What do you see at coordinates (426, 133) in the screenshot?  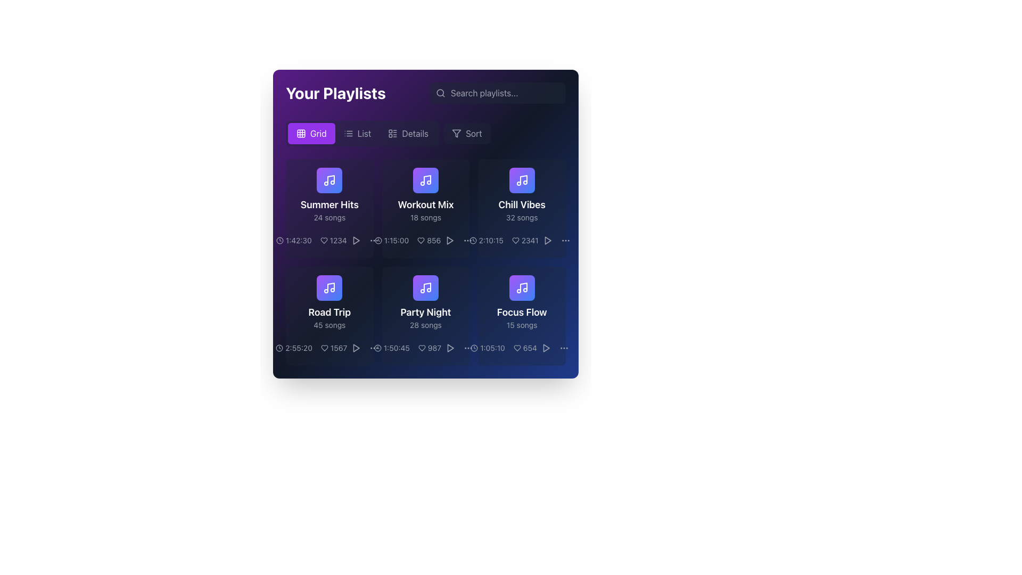 I see `the detailed view button located between the 'List' and 'Sort' buttons in the upper section of the interface under 'Your Playlists'` at bounding box center [426, 133].